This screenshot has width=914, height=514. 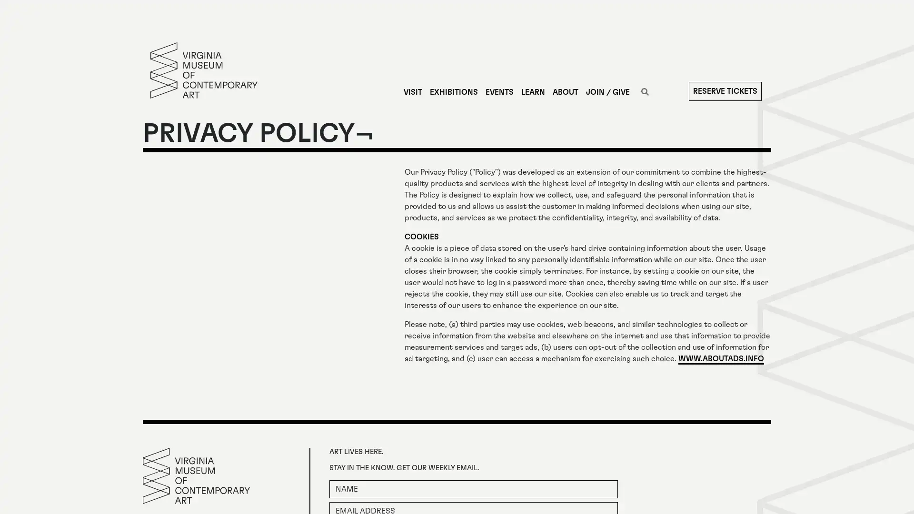 What do you see at coordinates (532, 92) in the screenshot?
I see `LEARN` at bounding box center [532, 92].